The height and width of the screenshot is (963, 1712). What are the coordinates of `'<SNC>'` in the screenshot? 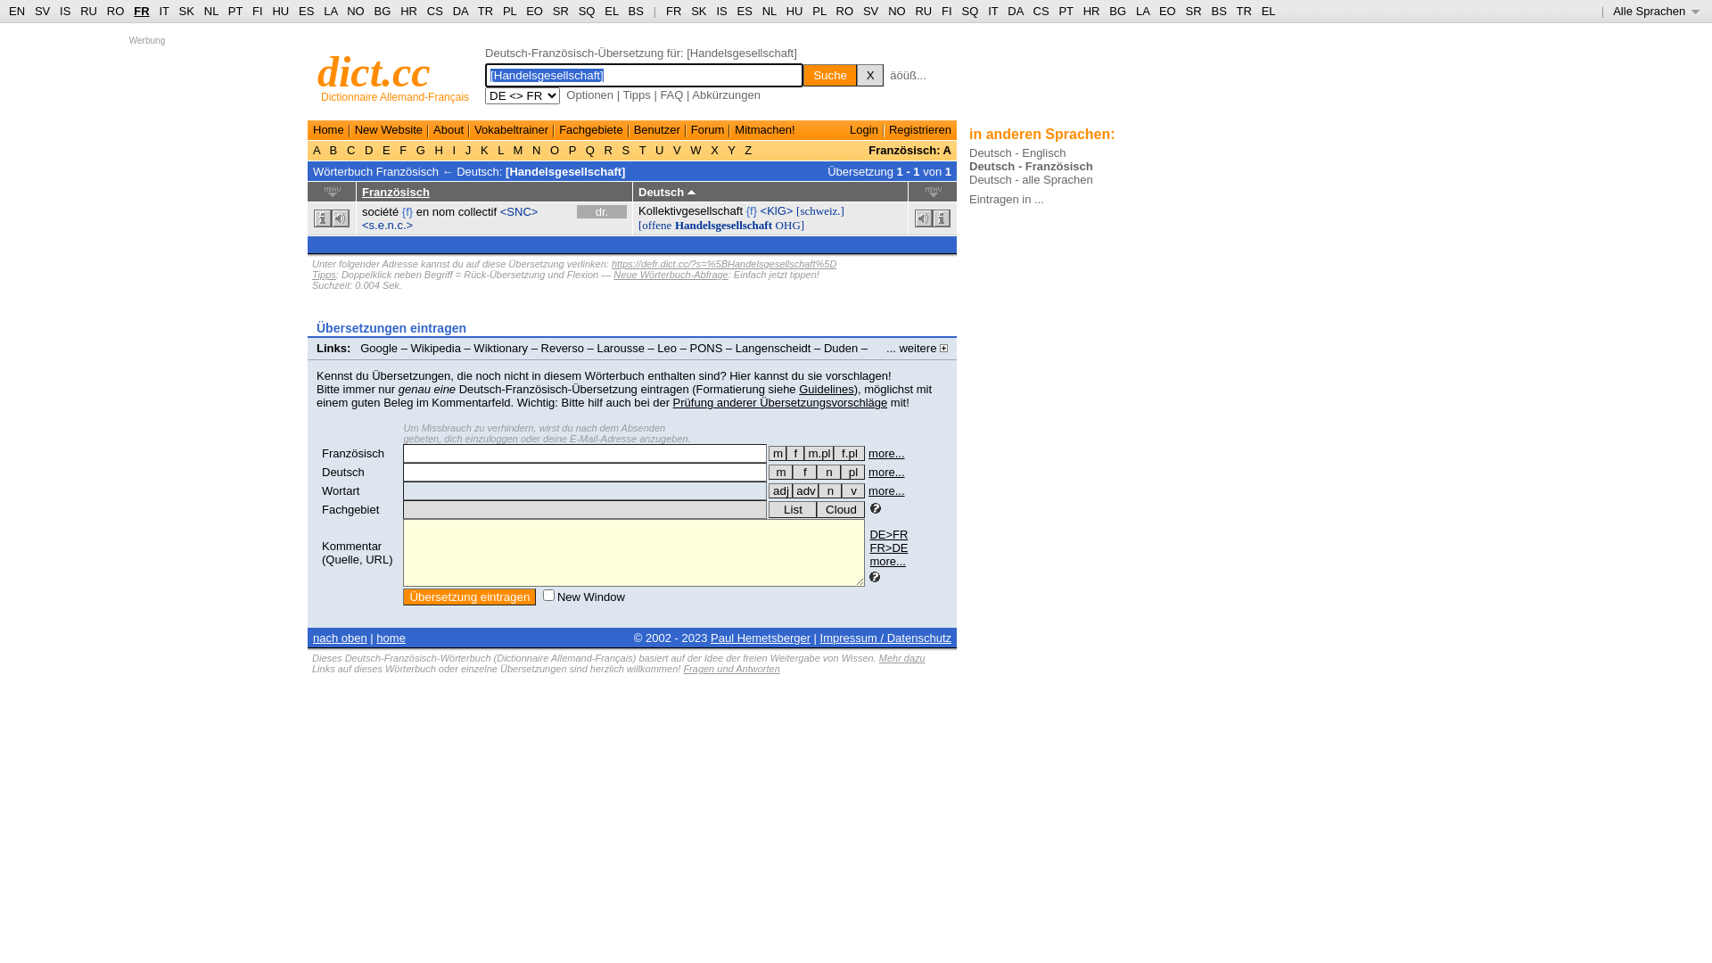 It's located at (518, 210).